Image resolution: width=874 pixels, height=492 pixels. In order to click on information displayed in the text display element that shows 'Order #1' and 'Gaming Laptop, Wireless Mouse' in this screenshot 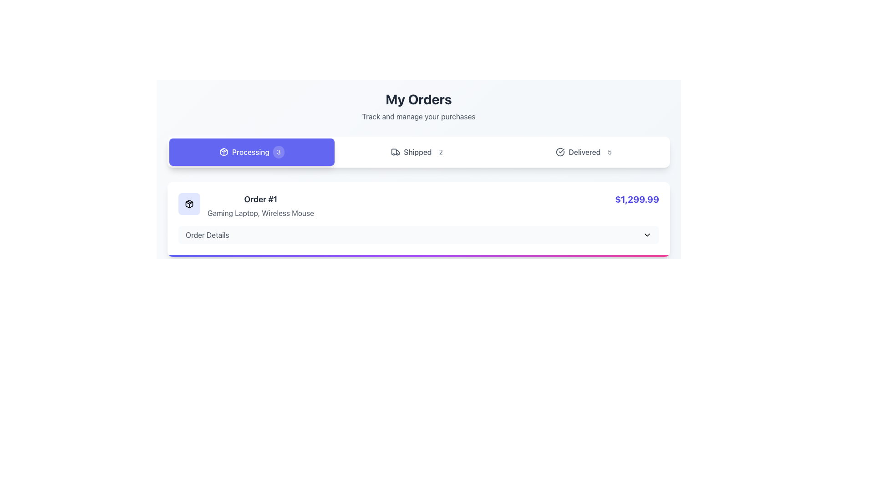, I will do `click(260, 205)`.